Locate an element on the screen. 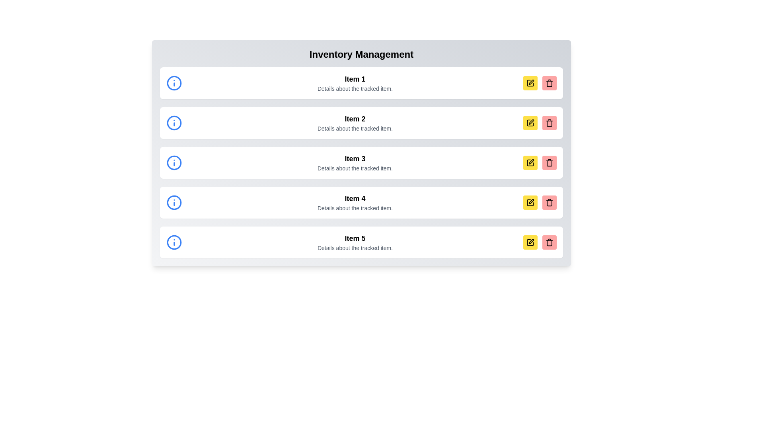 This screenshot has height=430, width=764. the Text Label element that reads 'Details about the tracked item.' located below the bold title 'Item 4' in the fourth row is located at coordinates (355, 208).